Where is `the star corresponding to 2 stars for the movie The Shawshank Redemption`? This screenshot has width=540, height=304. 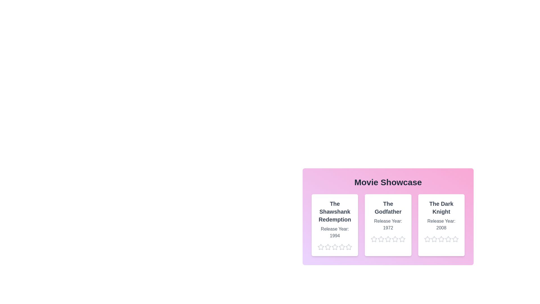
the star corresponding to 2 stars for the movie The Shawshank Redemption is located at coordinates (324, 247).